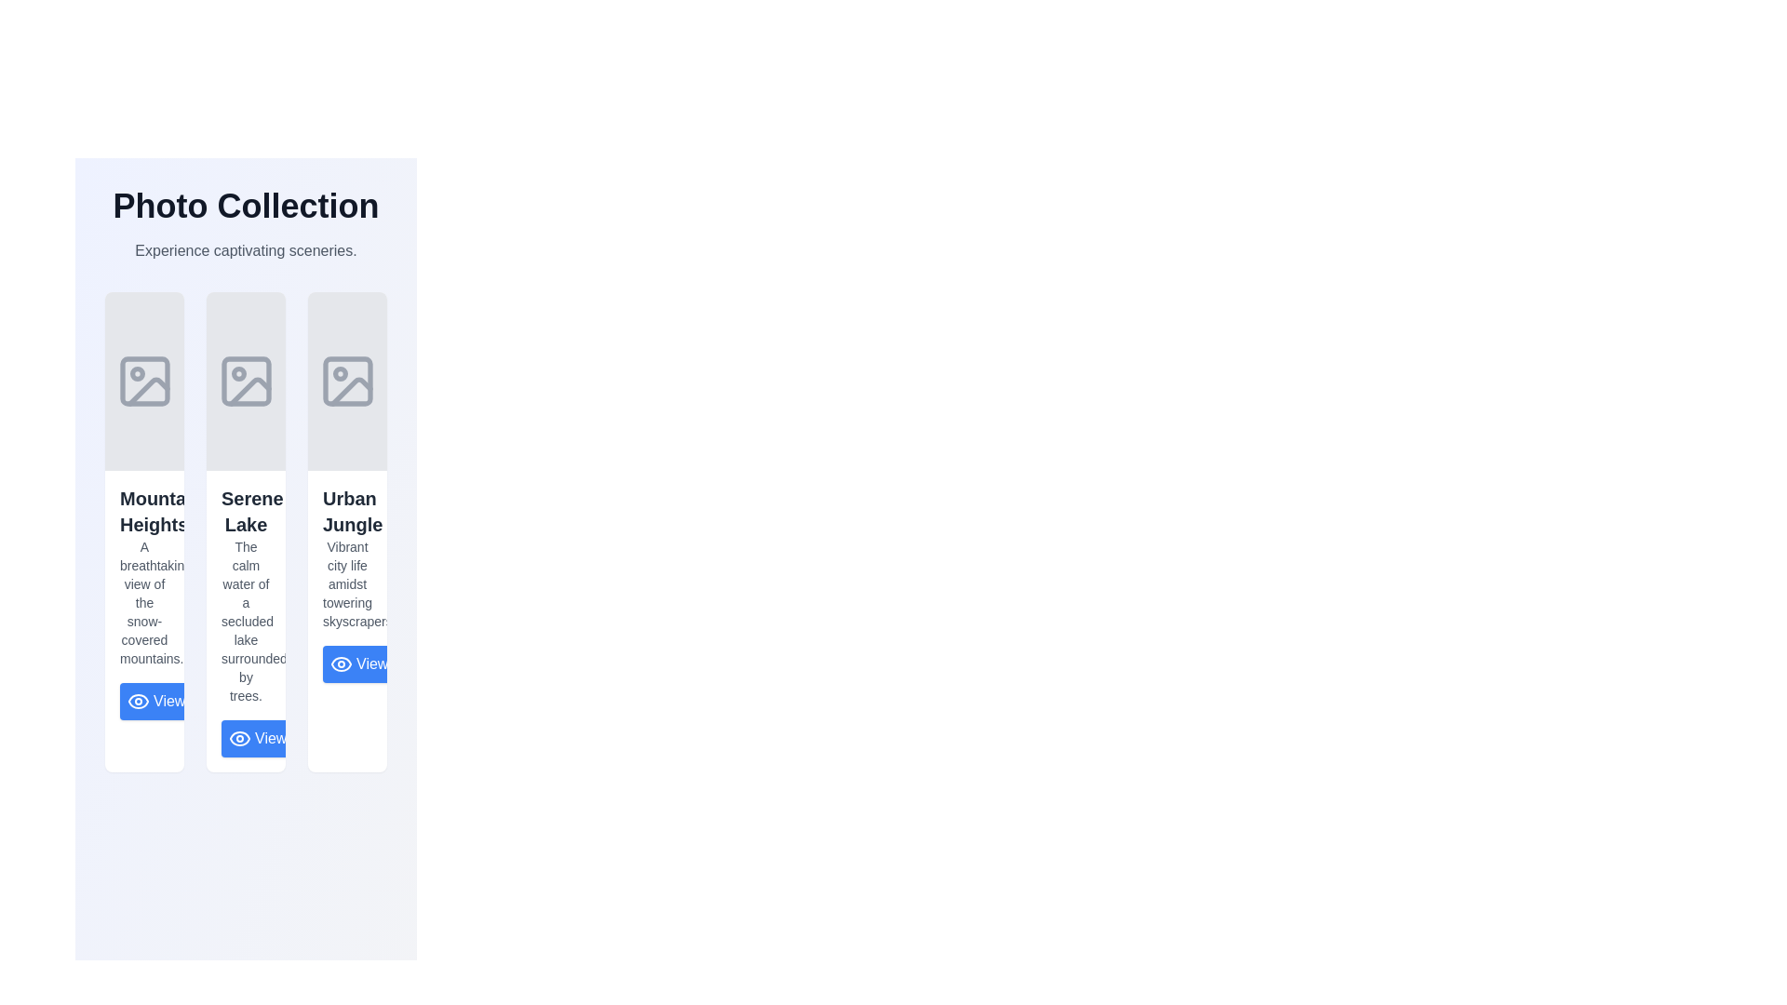 Image resolution: width=1787 pixels, height=1005 pixels. What do you see at coordinates (347, 531) in the screenshot?
I see `the 'Urban Jungle' card component, which is the third card in a grid layout, indicating it is draggable` at bounding box center [347, 531].